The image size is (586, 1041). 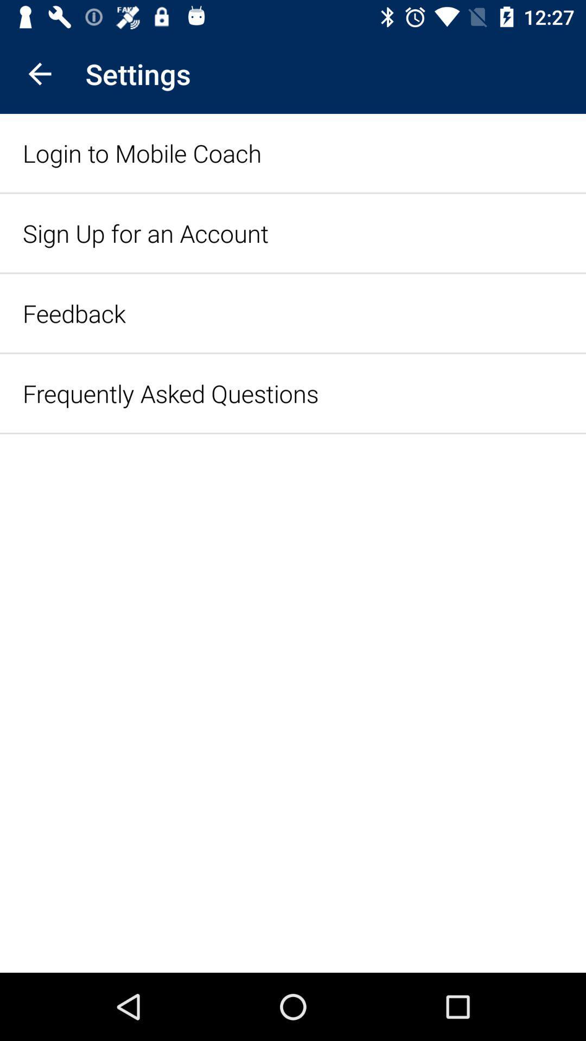 What do you see at coordinates (145, 233) in the screenshot?
I see `icon above the feedback item` at bounding box center [145, 233].